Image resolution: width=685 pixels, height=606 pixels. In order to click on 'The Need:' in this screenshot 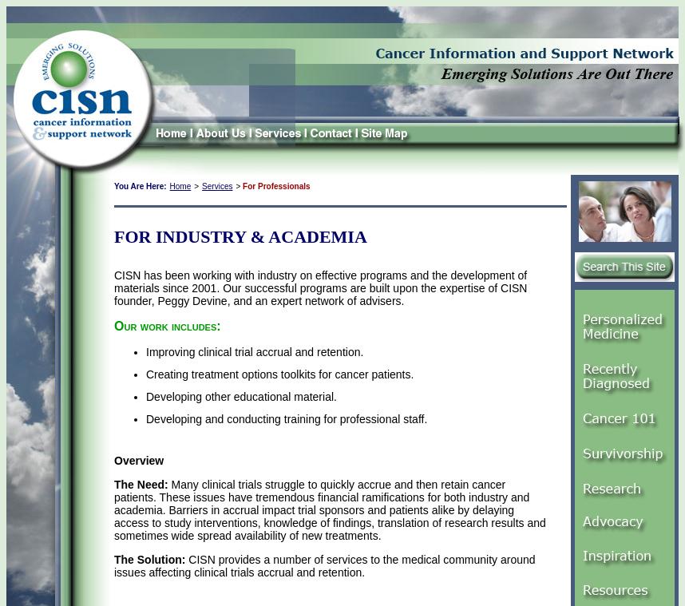, I will do `click(141, 483)`.